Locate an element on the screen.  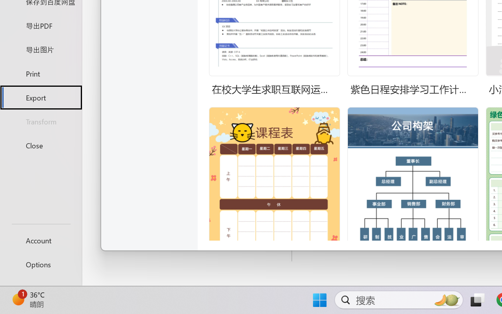
'Options' is located at coordinates (40, 264).